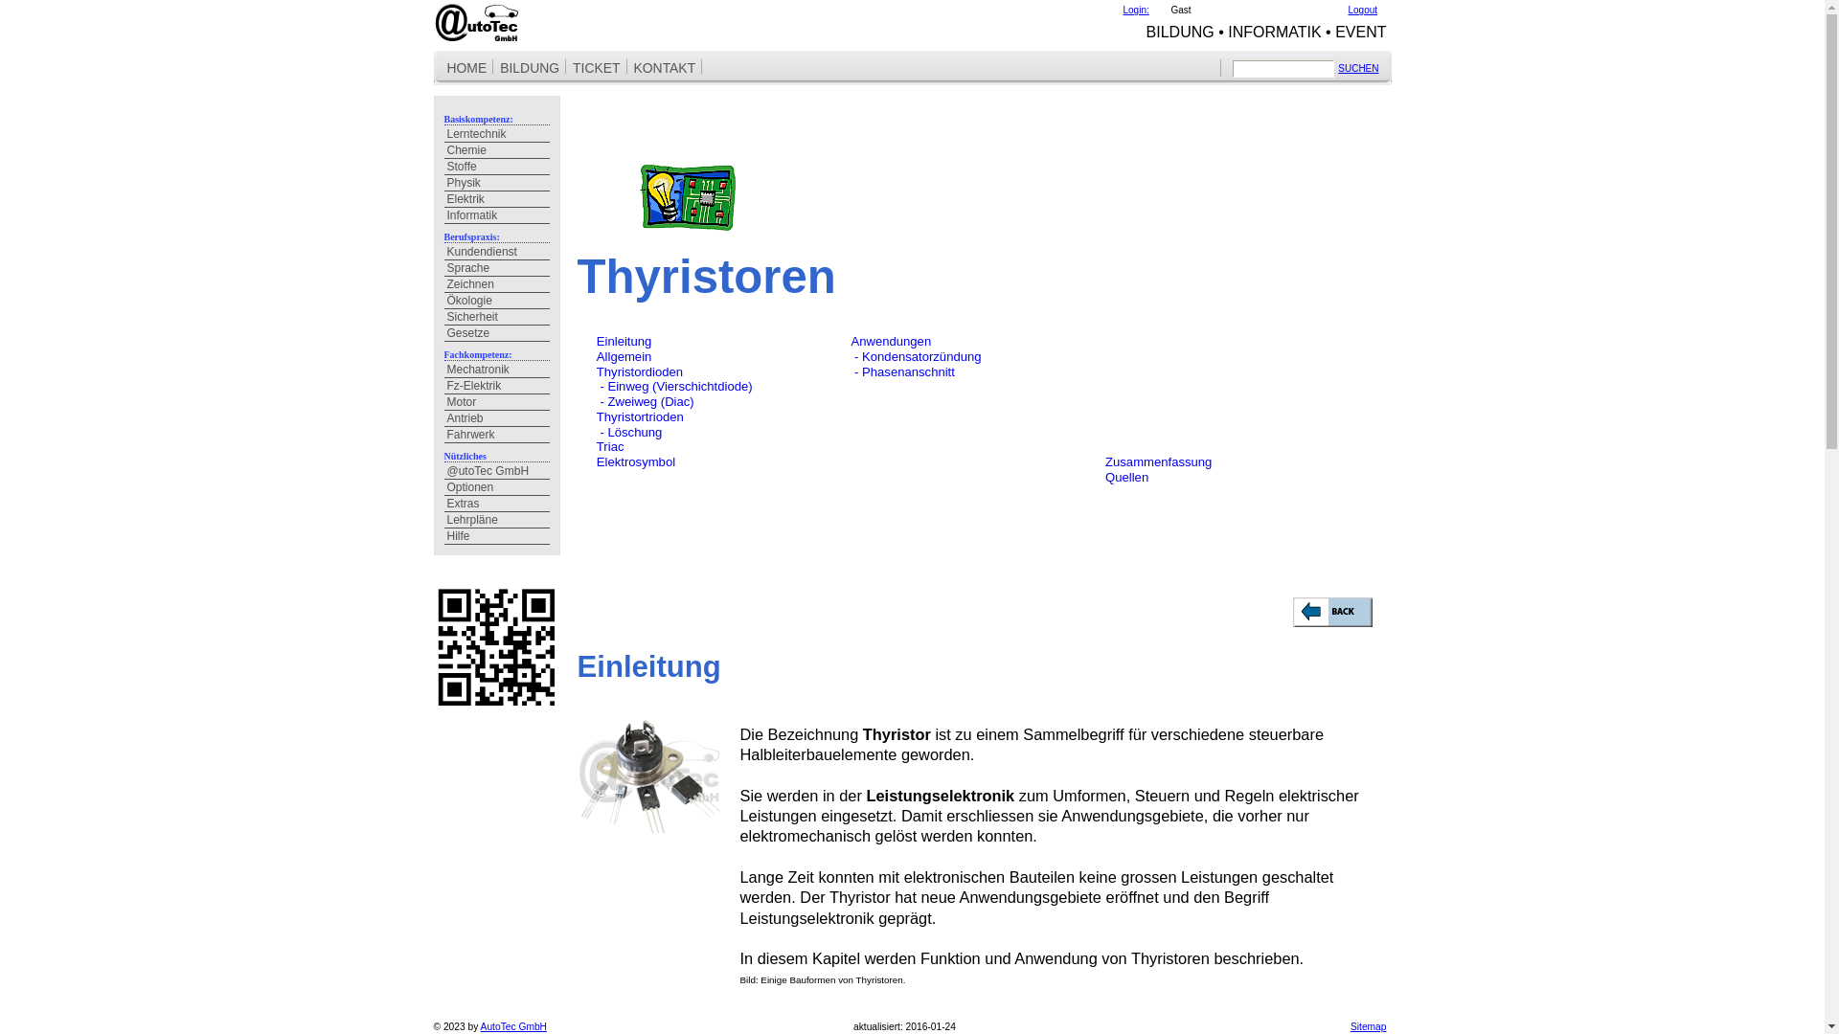  What do you see at coordinates (900, 371) in the screenshot?
I see `' - Phasenanschnitt'` at bounding box center [900, 371].